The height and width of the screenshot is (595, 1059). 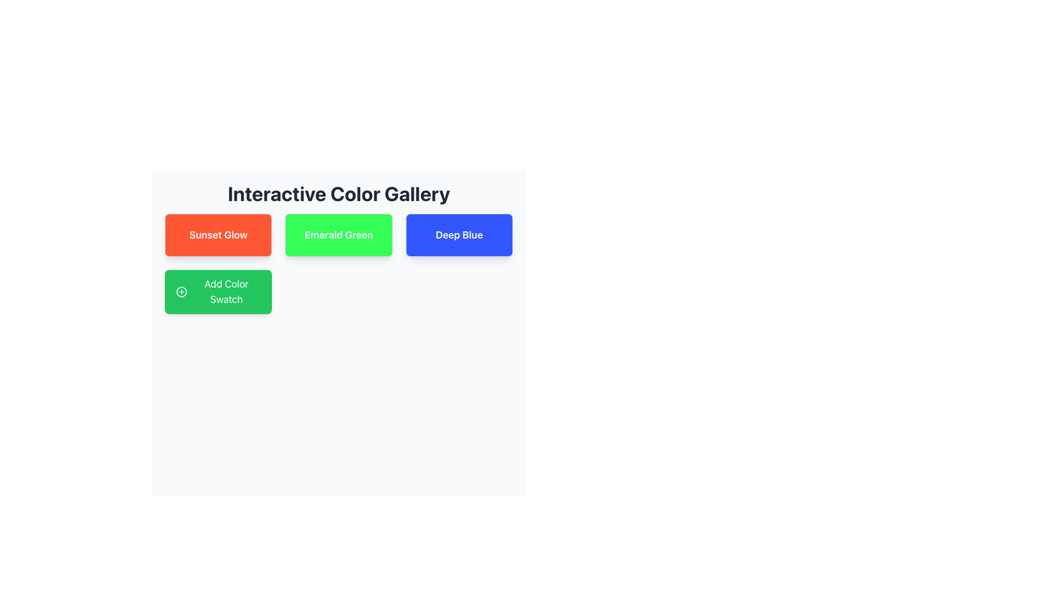 What do you see at coordinates (338, 235) in the screenshot?
I see `the text content of the Text Label displaying 'Emerald Green' in bold white font on a vibrant green background, which is centrally aligned within a rounded rectangle in a row of color swatches` at bounding box center [338, 235].